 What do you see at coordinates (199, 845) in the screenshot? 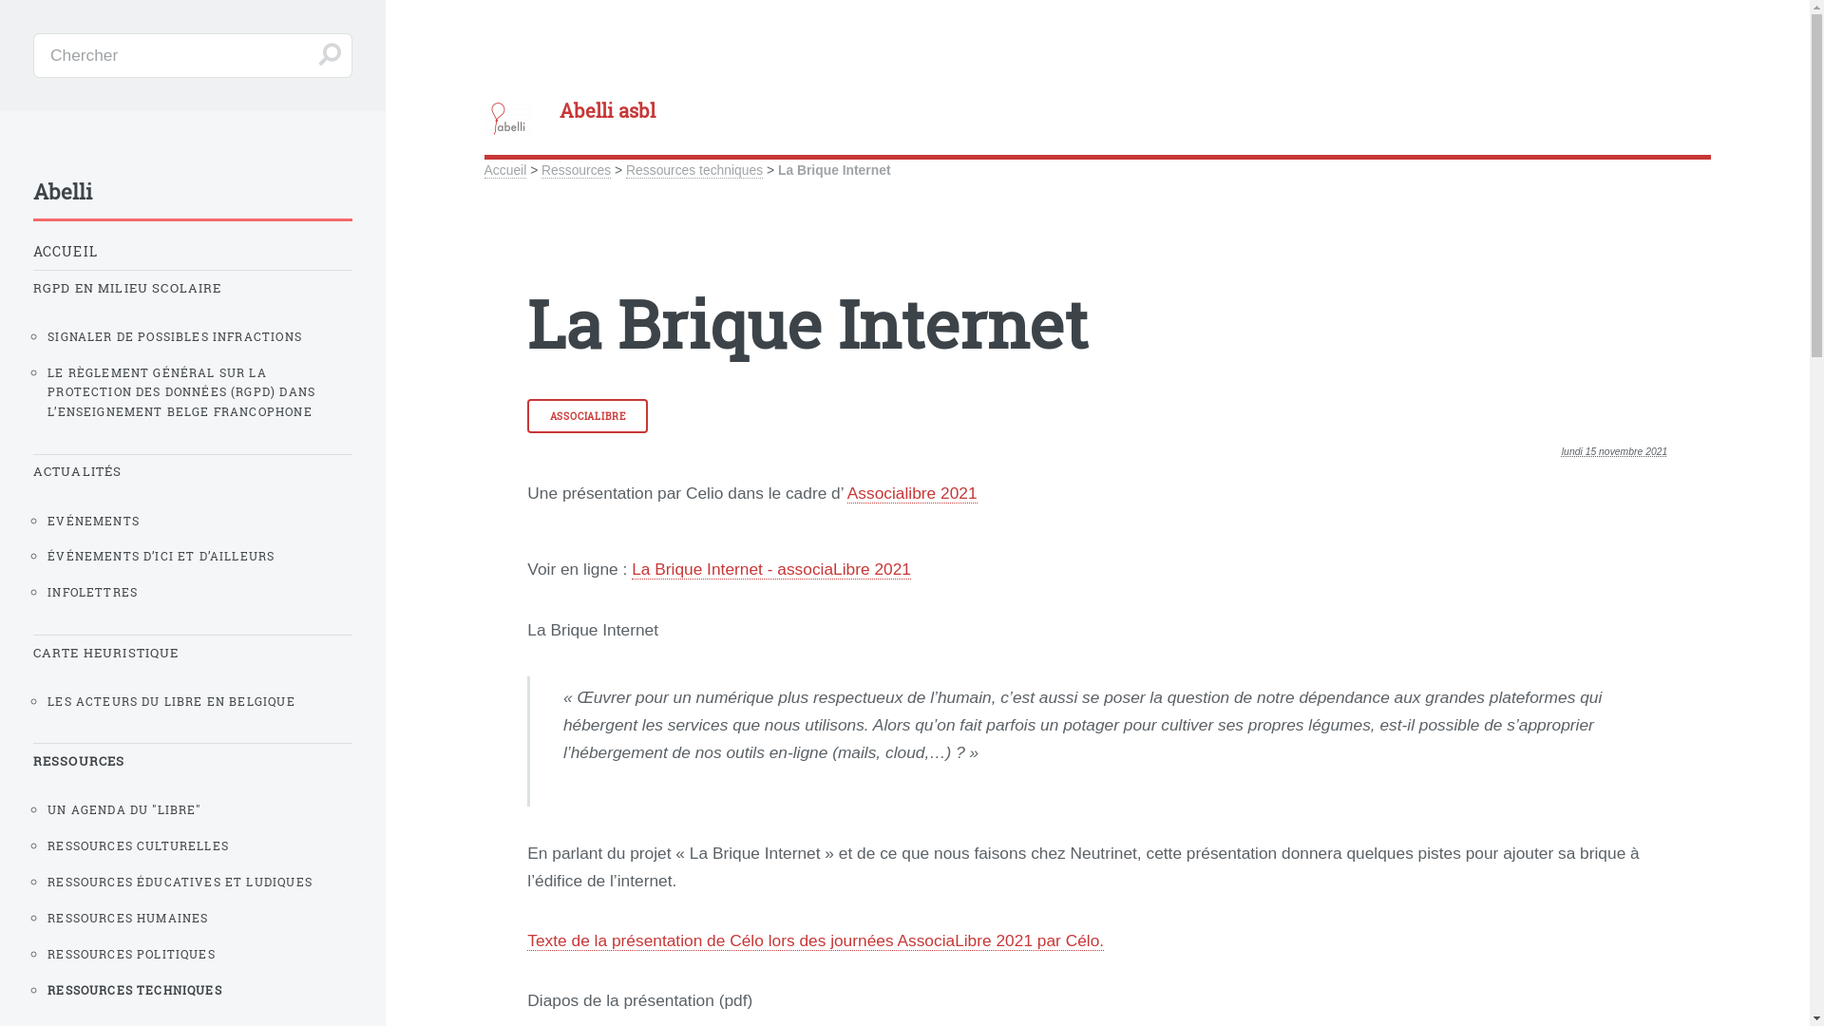
I see `'RESSOURCES CULTURELLES'` at bounding box center [199, 845].